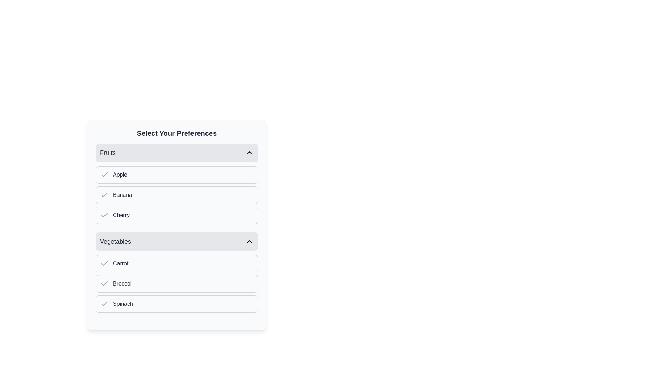 The width and height of the screenshot is (671, 377). I want to click on the 'Banana' text label, which is the second item in the 'Fruits' preferences list, so click(122, 195).